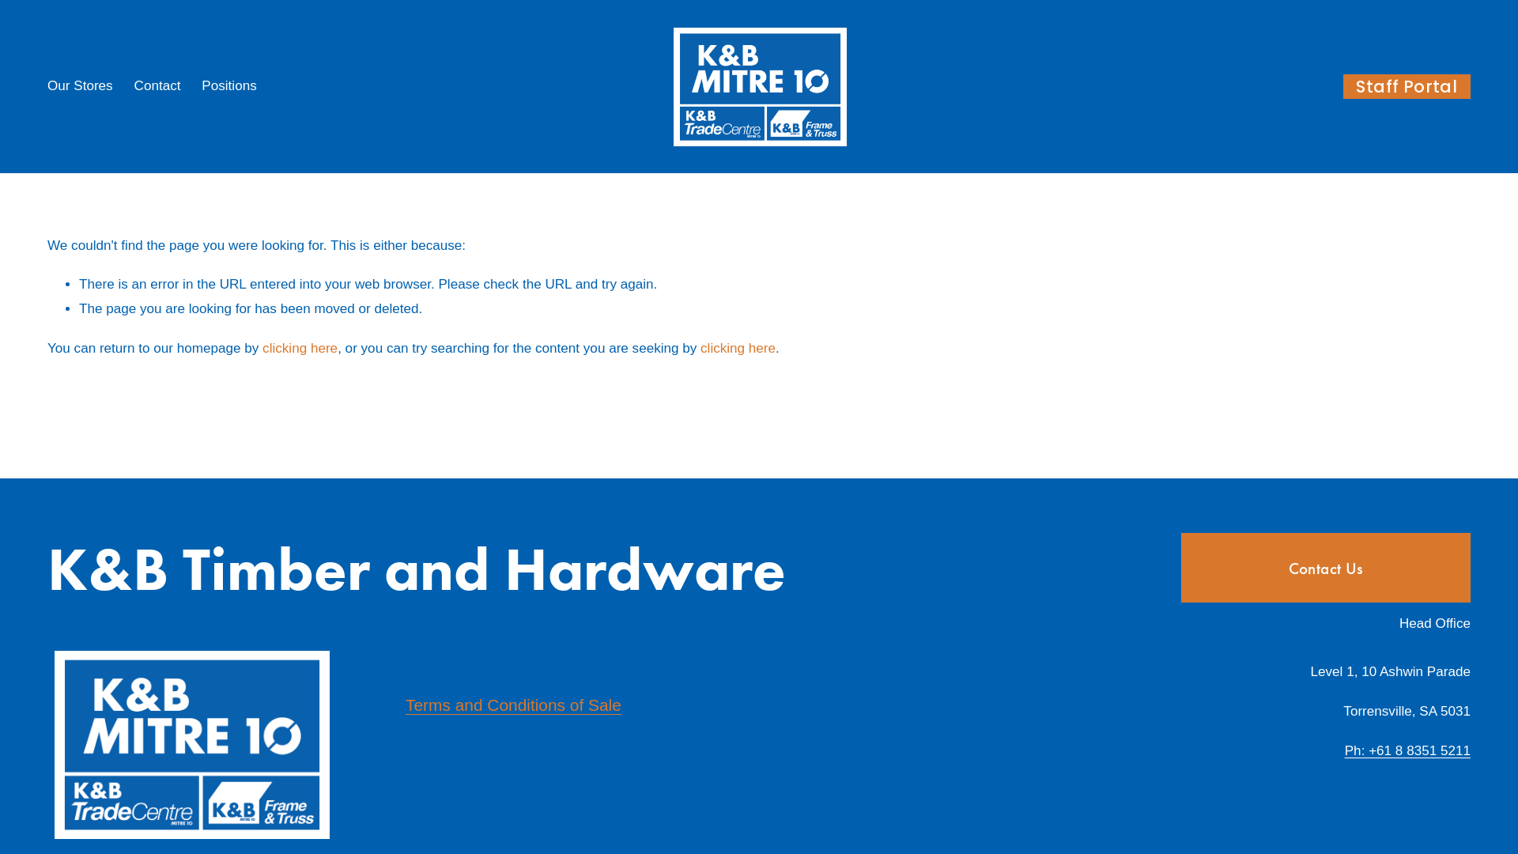 The height and width of the screenshot is (854, 1518). Describe the element at coordinates (513, 704) in the screenshot. I see `'Terms and Conditions of Sale'` at that location.